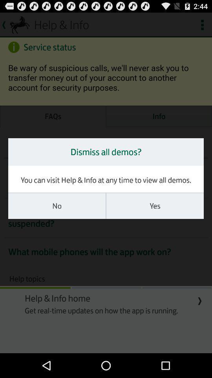 This screenshot has height=378, width=212. I want to click on yes item, so click(155, 206).